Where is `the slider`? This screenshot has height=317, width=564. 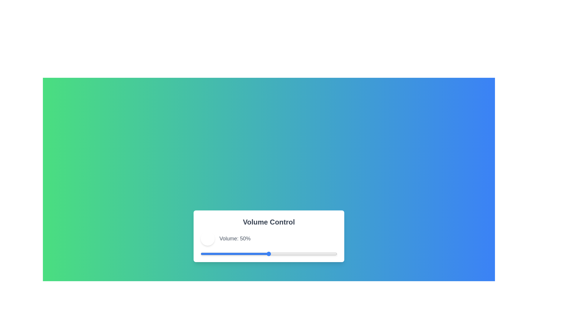 the slider is located at coordinates (310, 253).